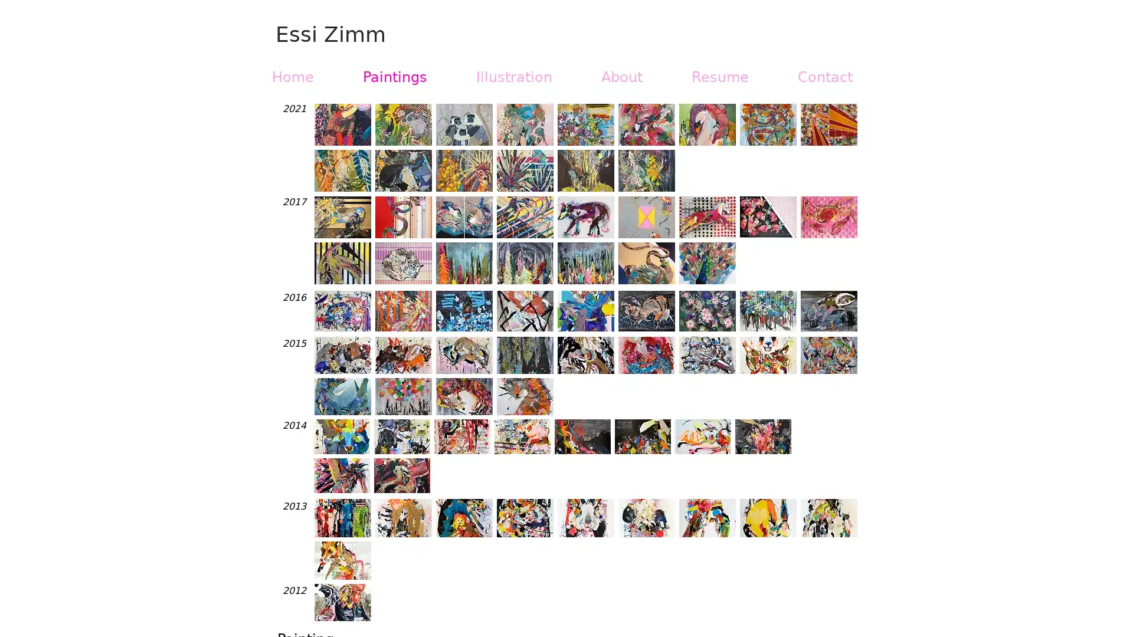  I want to click on next, so click(831, 321).